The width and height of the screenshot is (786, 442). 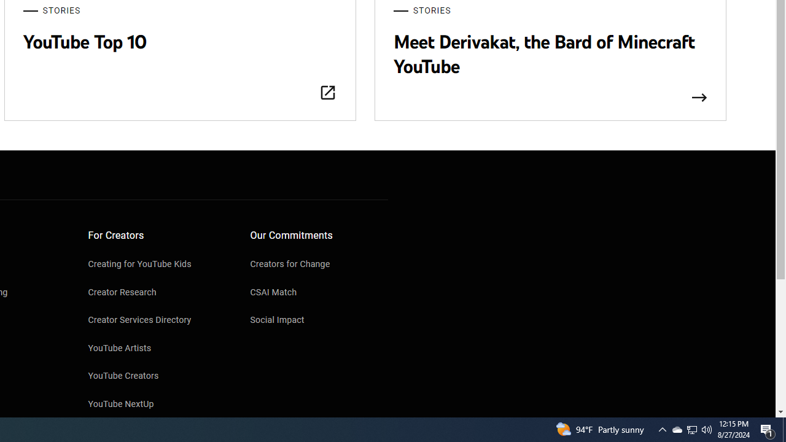 What do you see at coordinates (319, 265) in the screenshot?
I see `'Creators for Change'` at bounding box center [319, 265].